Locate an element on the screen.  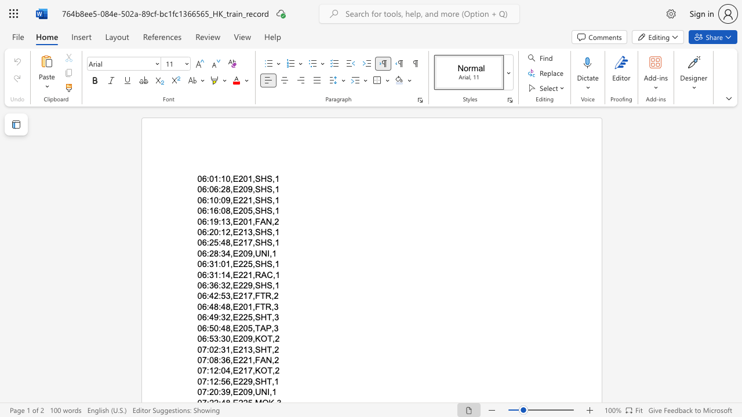
the subset text ",E221," within the text "07:08:36,E221,FAN,2" is located at coordinates (230, 359).